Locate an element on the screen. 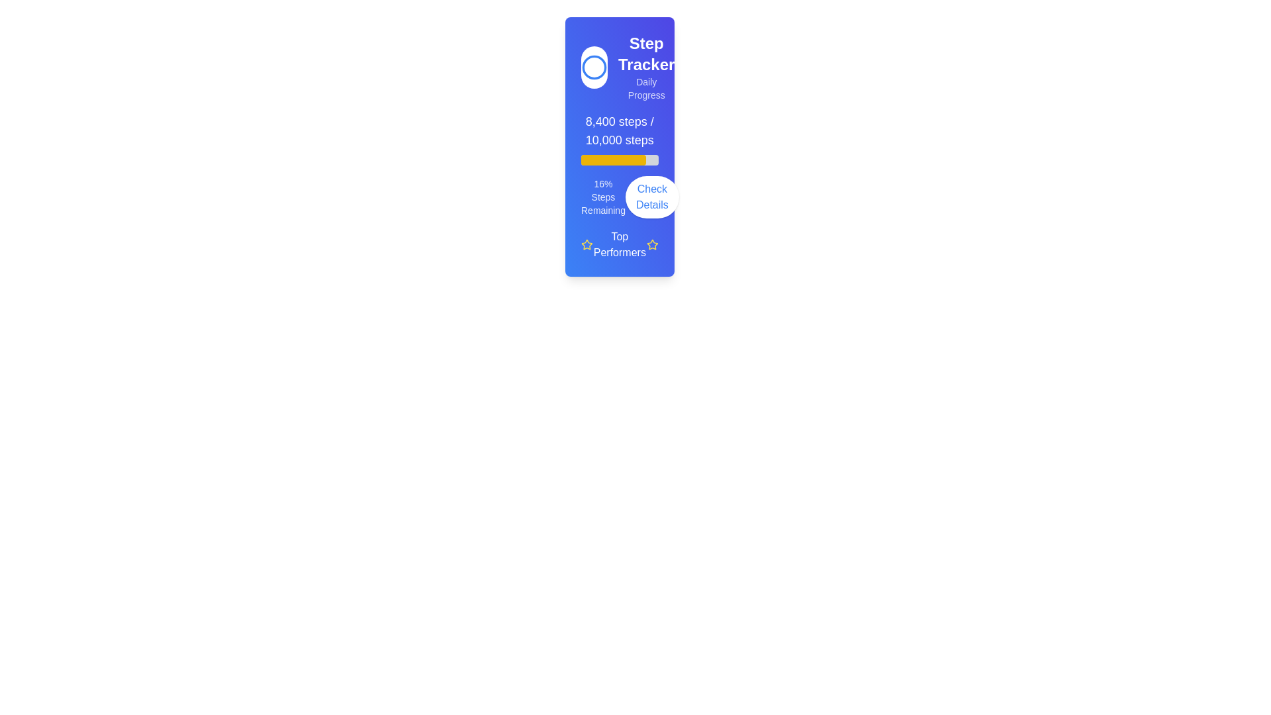 This screenshot has width=1271, height=715. properties of the Progress Indicator with Text located within the 'Step Tracker' card, which displays progress information and is situated between the title text group and the '16% Steps Remaining' text is located at coordinates (619, 138).